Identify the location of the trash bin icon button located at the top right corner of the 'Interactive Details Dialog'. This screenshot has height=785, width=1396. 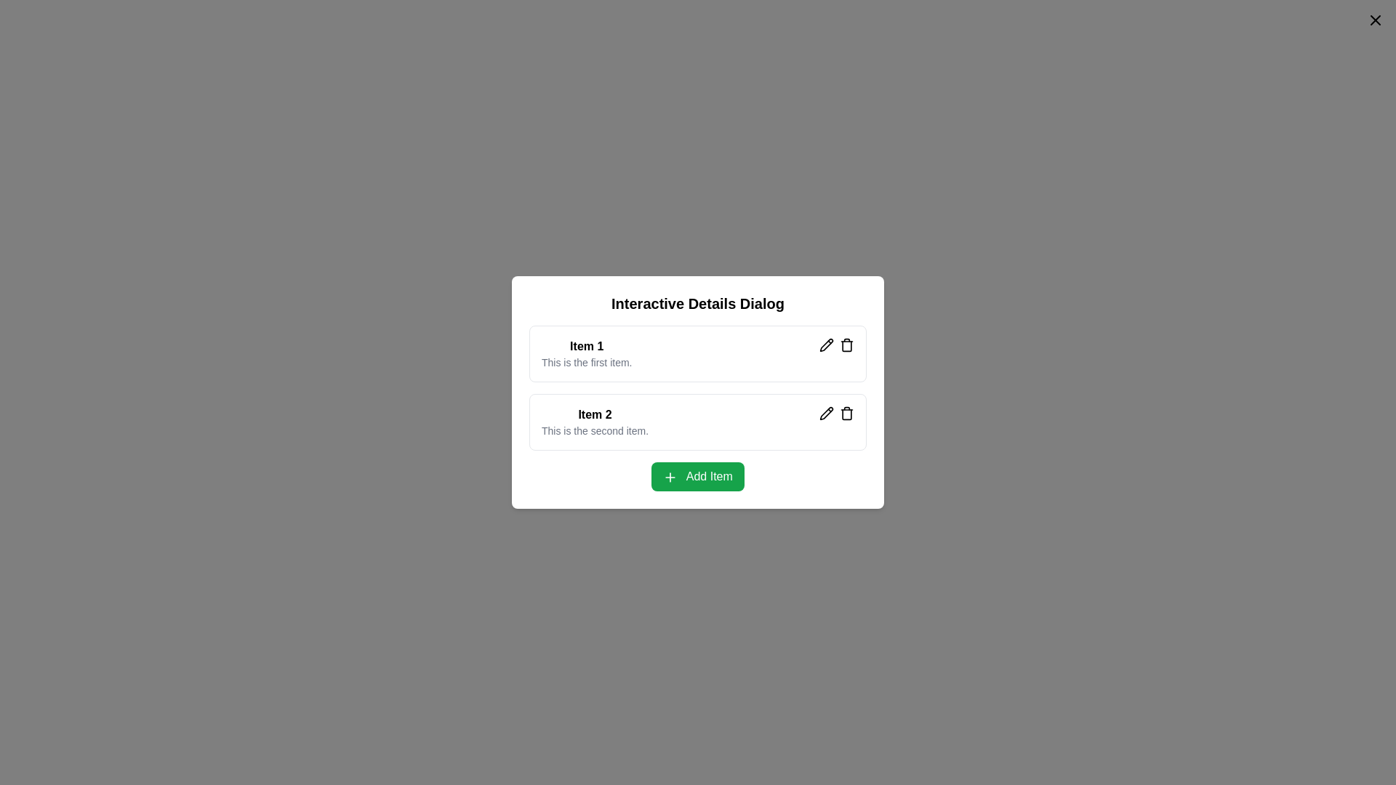
(847, 345).